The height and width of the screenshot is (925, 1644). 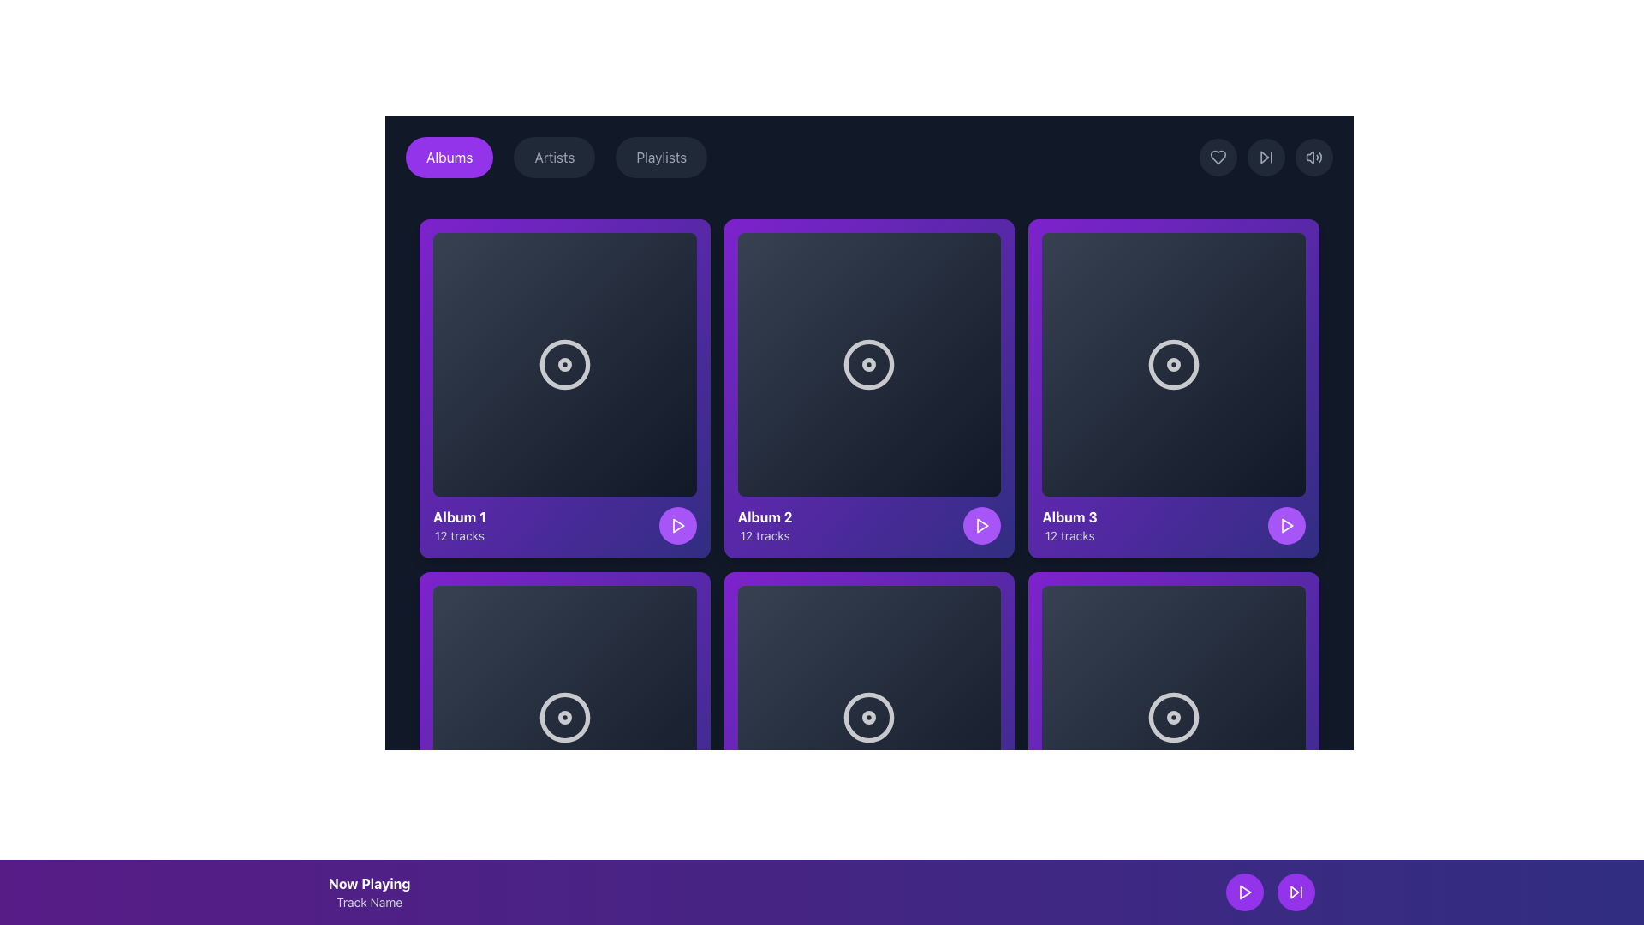 I want to click on text from the Text Label displaying '12 tracks', which is located below 'Album 3' in the purple album box, so click(x=1069, y=534).